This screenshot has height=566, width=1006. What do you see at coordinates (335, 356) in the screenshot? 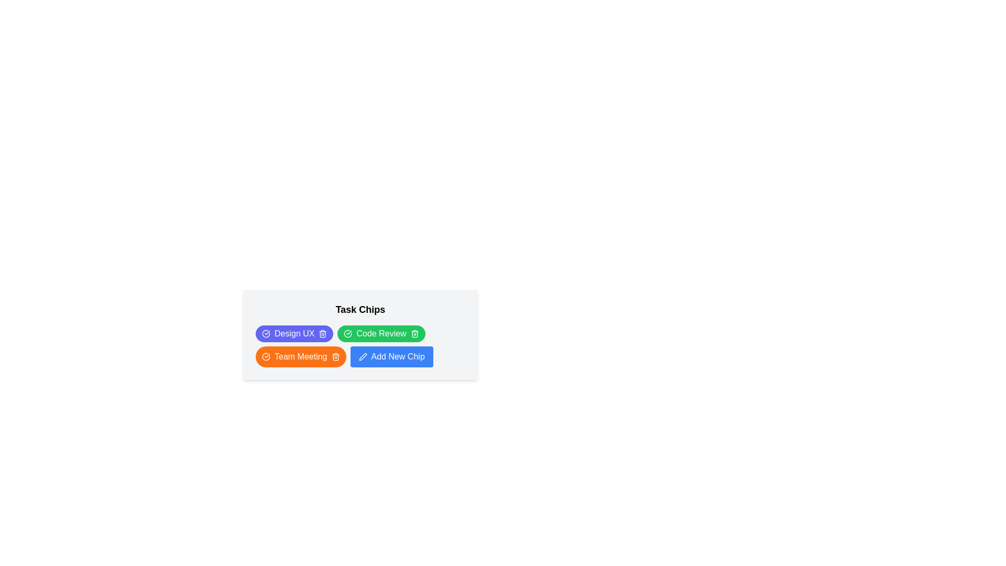
I see `the clickable trash bin icon associated with the delete action located within the orange chip labeled 'Team Meeting' for keyboard navigation` at bounding box center [335, 356].